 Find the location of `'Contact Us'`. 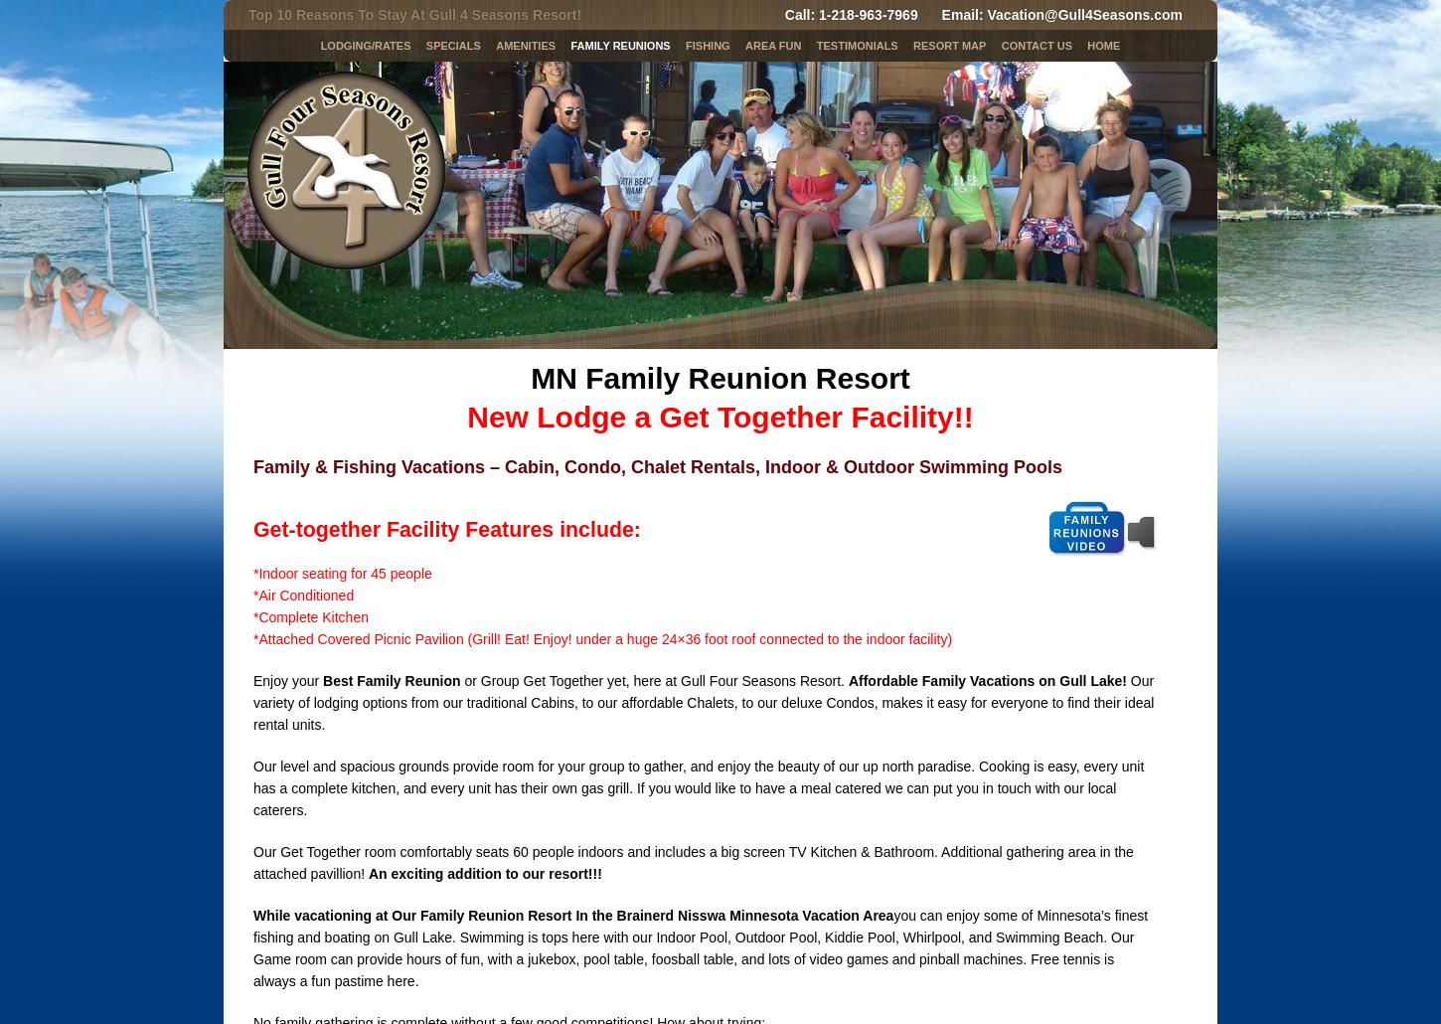

'Contact Us' is located at coordinates (1001, 46).